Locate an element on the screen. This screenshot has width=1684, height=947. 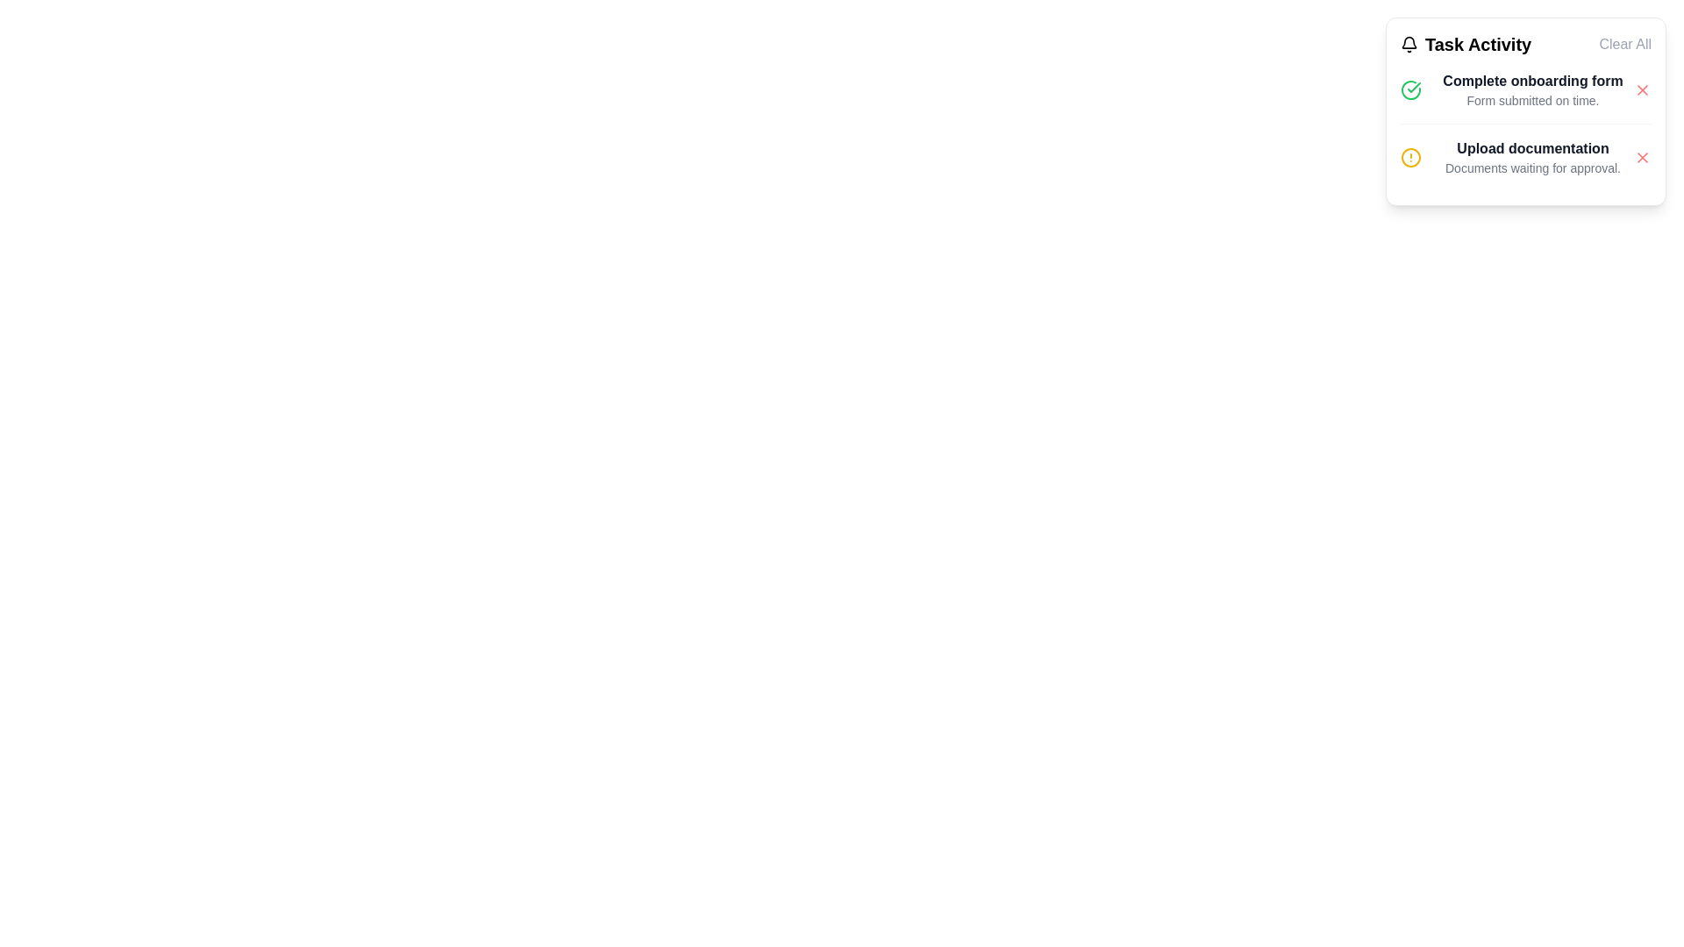
the 'Task Activity' header, which is a large, bold text element indicating notifications, located at the top-left corner of its card-like structure is located at coordinates (1466, 43).